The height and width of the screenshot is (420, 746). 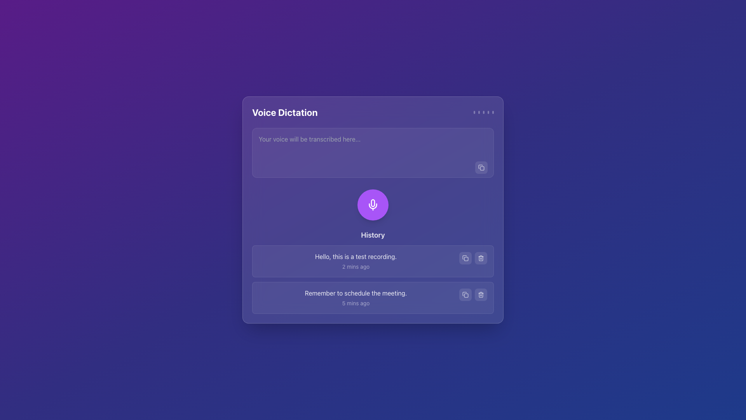 I want to click on the trash can icon button located at the right end of the lower row in the history section, so click(x=481, y=295).